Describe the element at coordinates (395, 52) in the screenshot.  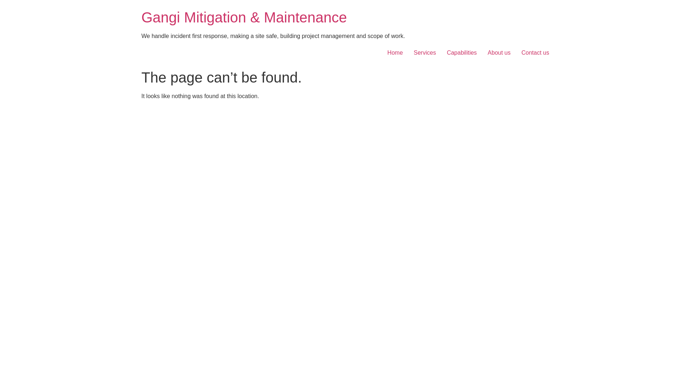
I see `'Home'` at that location.